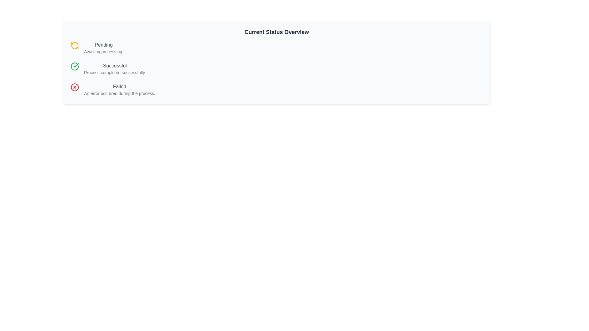 This screenshot has width=589, height=331. I want to click on the text label displaying the status 'Pending' with additional details 'Awaiting processing.' located at the top-left section of the interface, so click(104, 48).